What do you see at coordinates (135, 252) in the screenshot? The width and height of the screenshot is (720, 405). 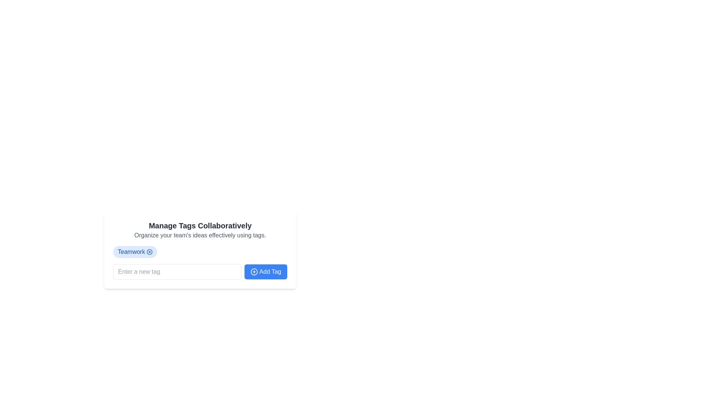 I see `the 'Teamwork' Tag component with a remove button, which is an oval-shaped badge with a light blue background and blue text` at bounding box center [135, 252].